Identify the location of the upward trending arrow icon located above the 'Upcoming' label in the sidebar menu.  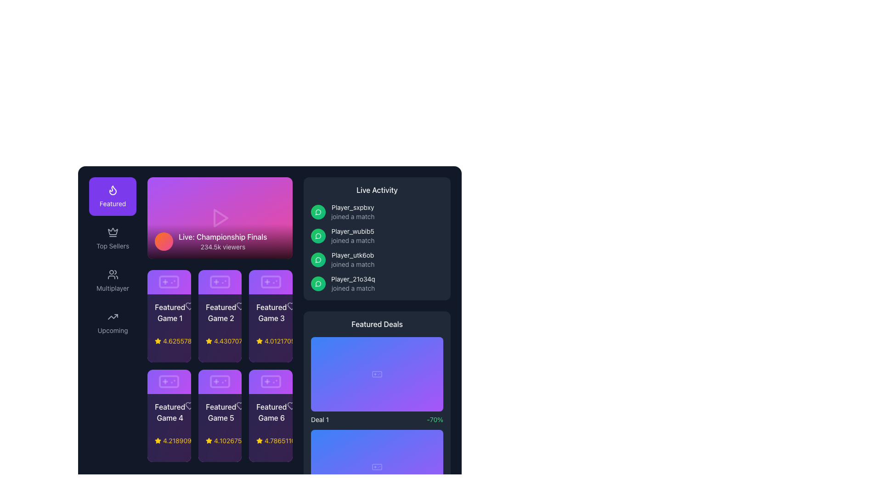
(112, 316).